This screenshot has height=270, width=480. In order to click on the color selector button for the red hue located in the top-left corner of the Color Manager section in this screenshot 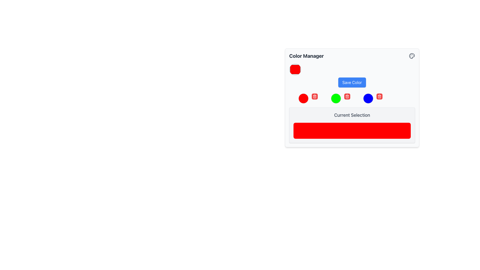, I will do `click(295, 69)`.